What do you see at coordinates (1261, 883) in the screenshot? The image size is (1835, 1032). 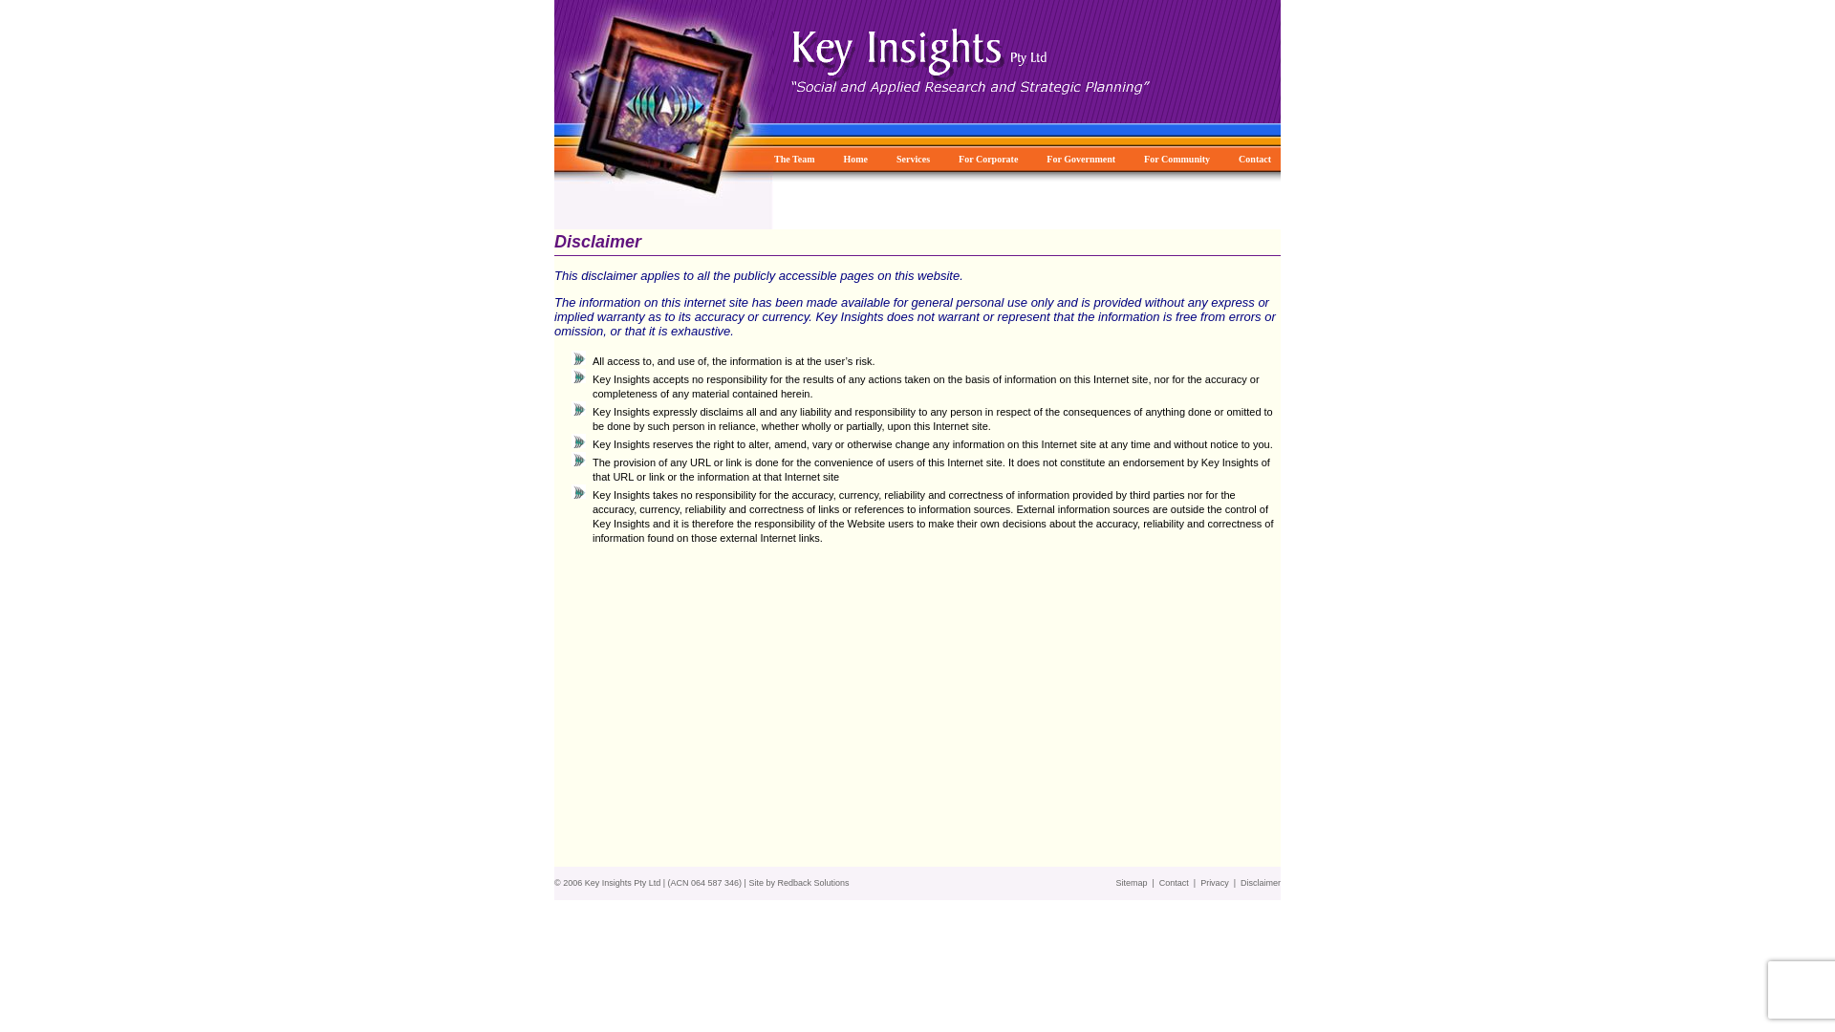 I see `'Disclaimer'` at bounding box center [1261, 883].